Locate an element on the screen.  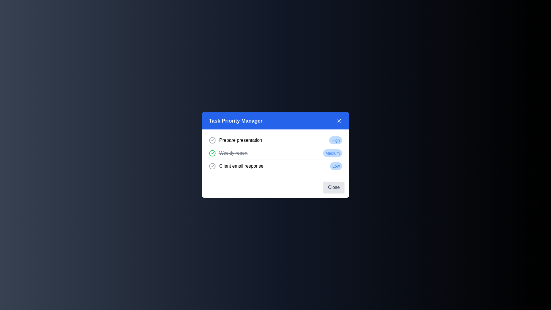
the text label 'Prepare presentation' is located at coordinates (240, 140).